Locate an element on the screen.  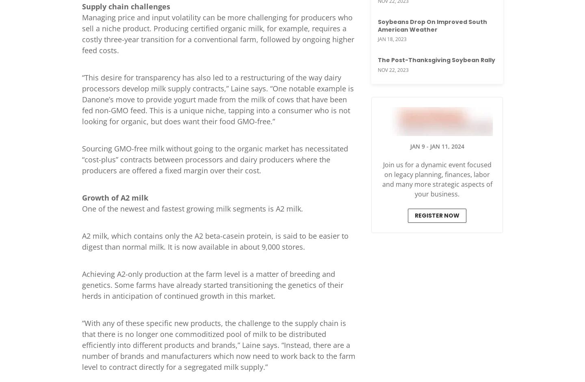
'Nov 22, 2023' is located at coordinates (392, 69).